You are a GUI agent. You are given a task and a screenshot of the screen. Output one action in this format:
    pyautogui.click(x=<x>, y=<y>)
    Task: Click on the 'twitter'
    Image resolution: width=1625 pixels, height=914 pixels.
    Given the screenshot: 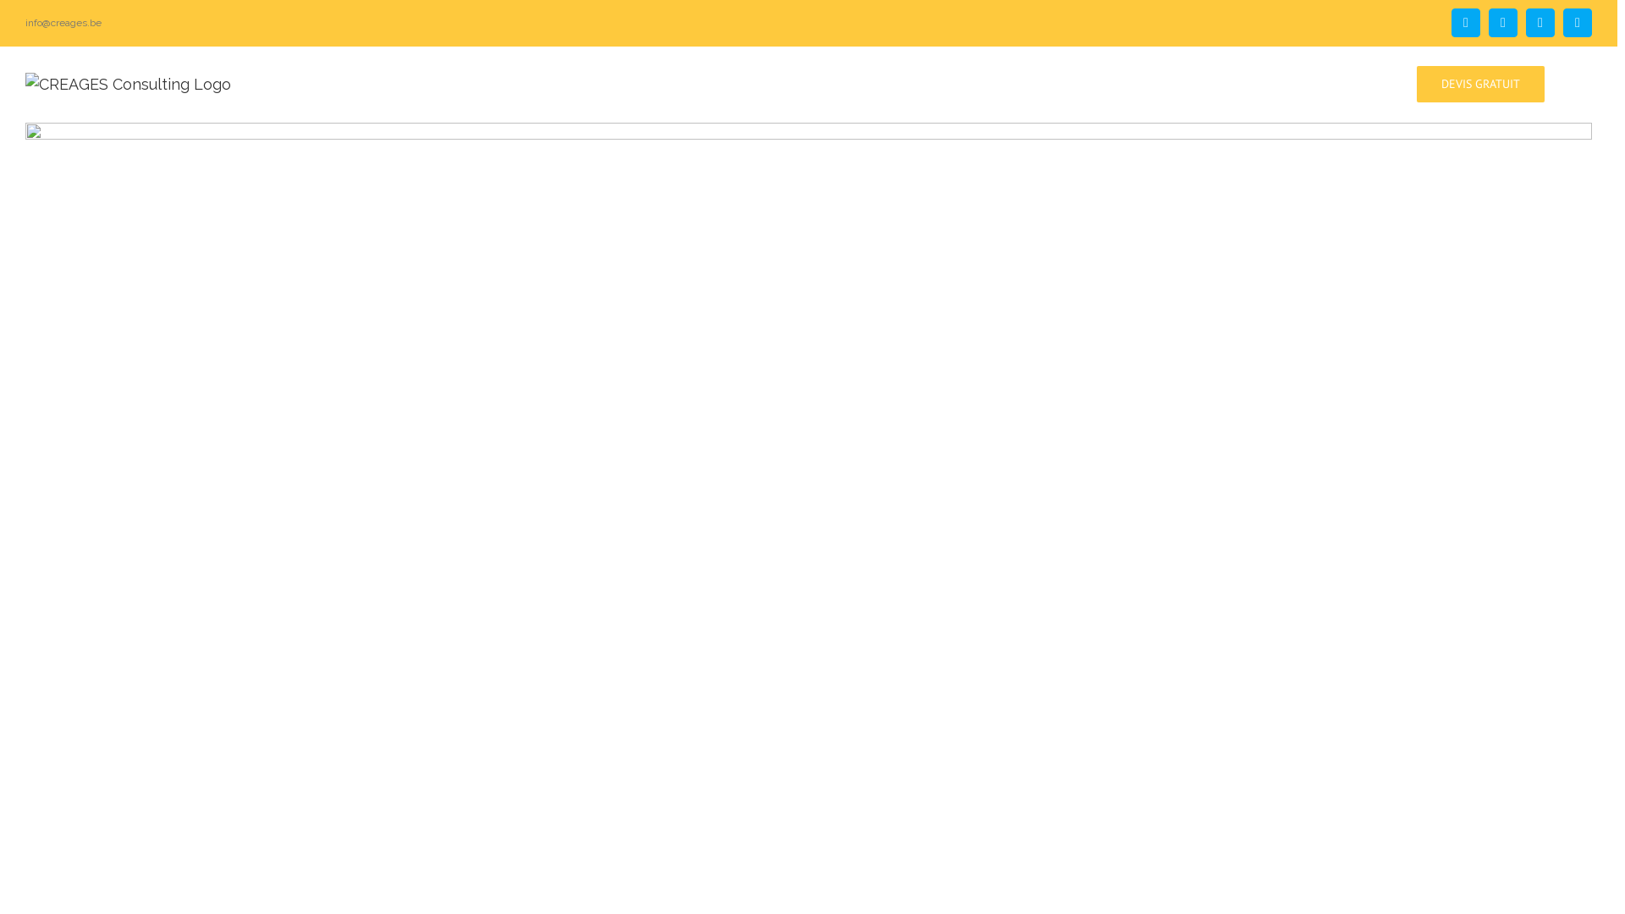 What is the action you would take?
    pyautogui.click(x=1503, y=23)
    